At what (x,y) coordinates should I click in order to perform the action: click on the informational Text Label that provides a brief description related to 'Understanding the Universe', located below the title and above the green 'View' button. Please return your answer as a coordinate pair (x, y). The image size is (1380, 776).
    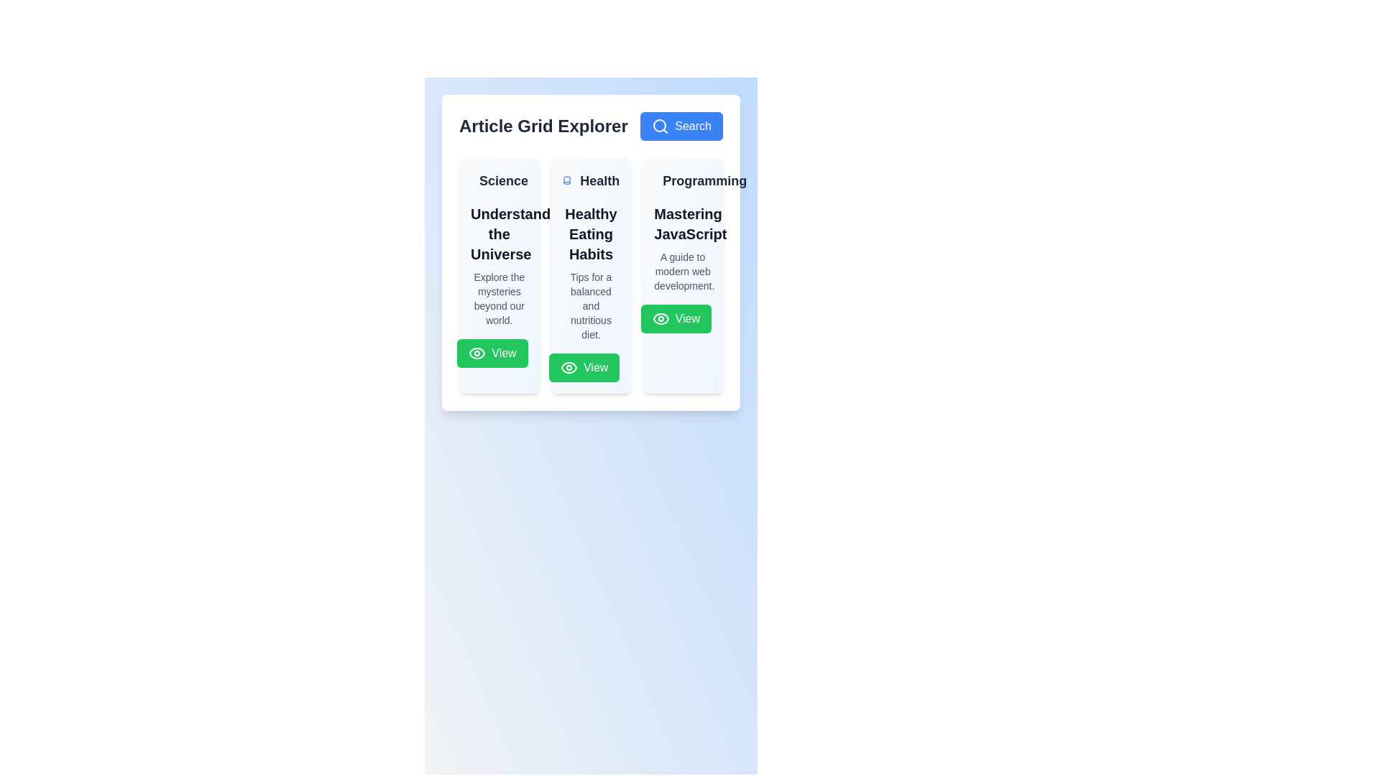
    Looking at the image, I should click on (499, 298).